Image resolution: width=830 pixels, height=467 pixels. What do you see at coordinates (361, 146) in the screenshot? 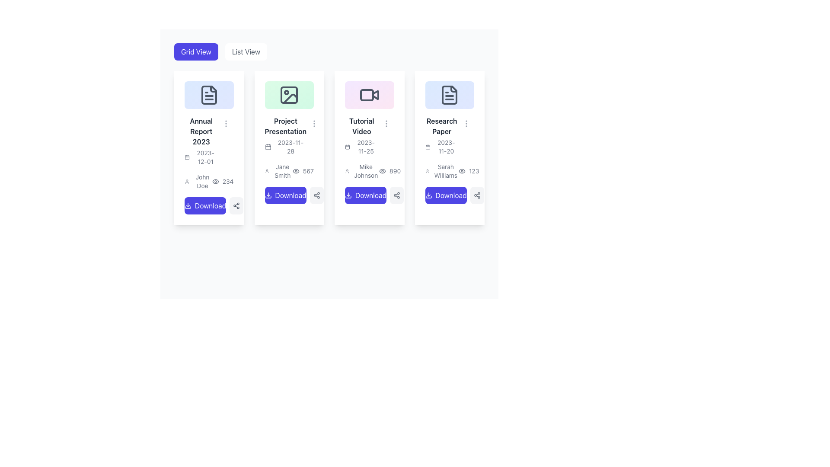
I see `the text label displaying the date '2023-11-25' with a calendar icon, located under the title 'Tutorial Video' in the third card of the horizontally aligned grid layout` at bounding box center [361, 146].